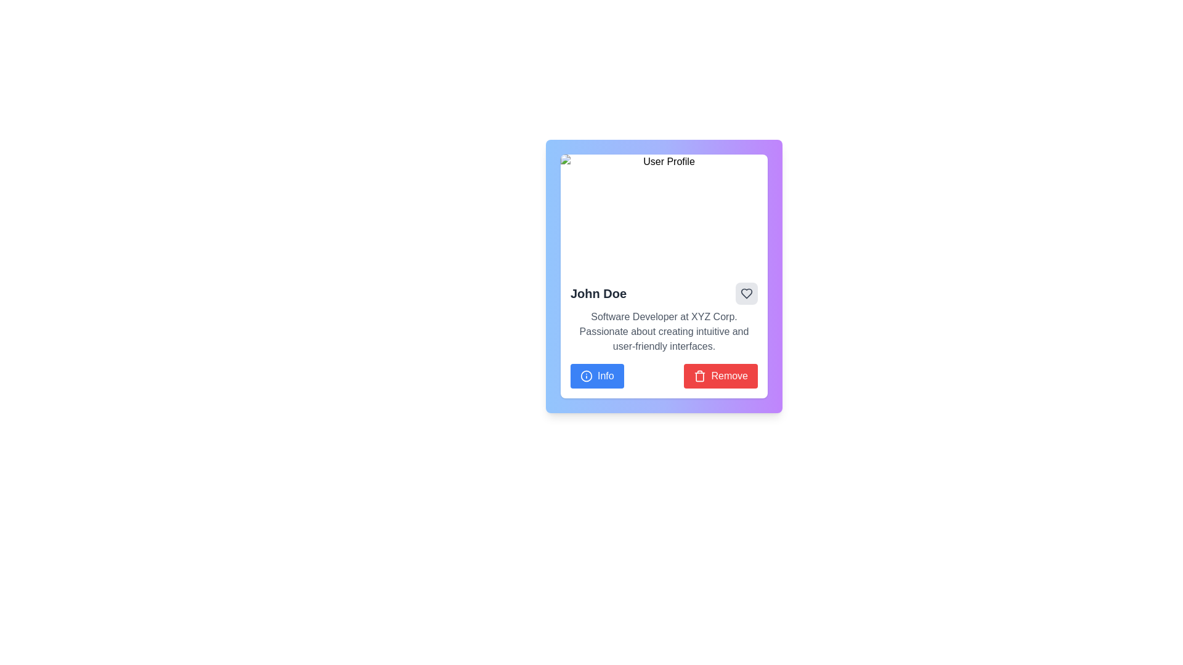 This screenshot has height=665, width=1183. What do you see at coordinates (746, 294) in the screenshot?
I see `the heart-shaped icon button located in the top-right corner of the user profile card to mark the profile as a favorite` at bounding box center [746, 294].